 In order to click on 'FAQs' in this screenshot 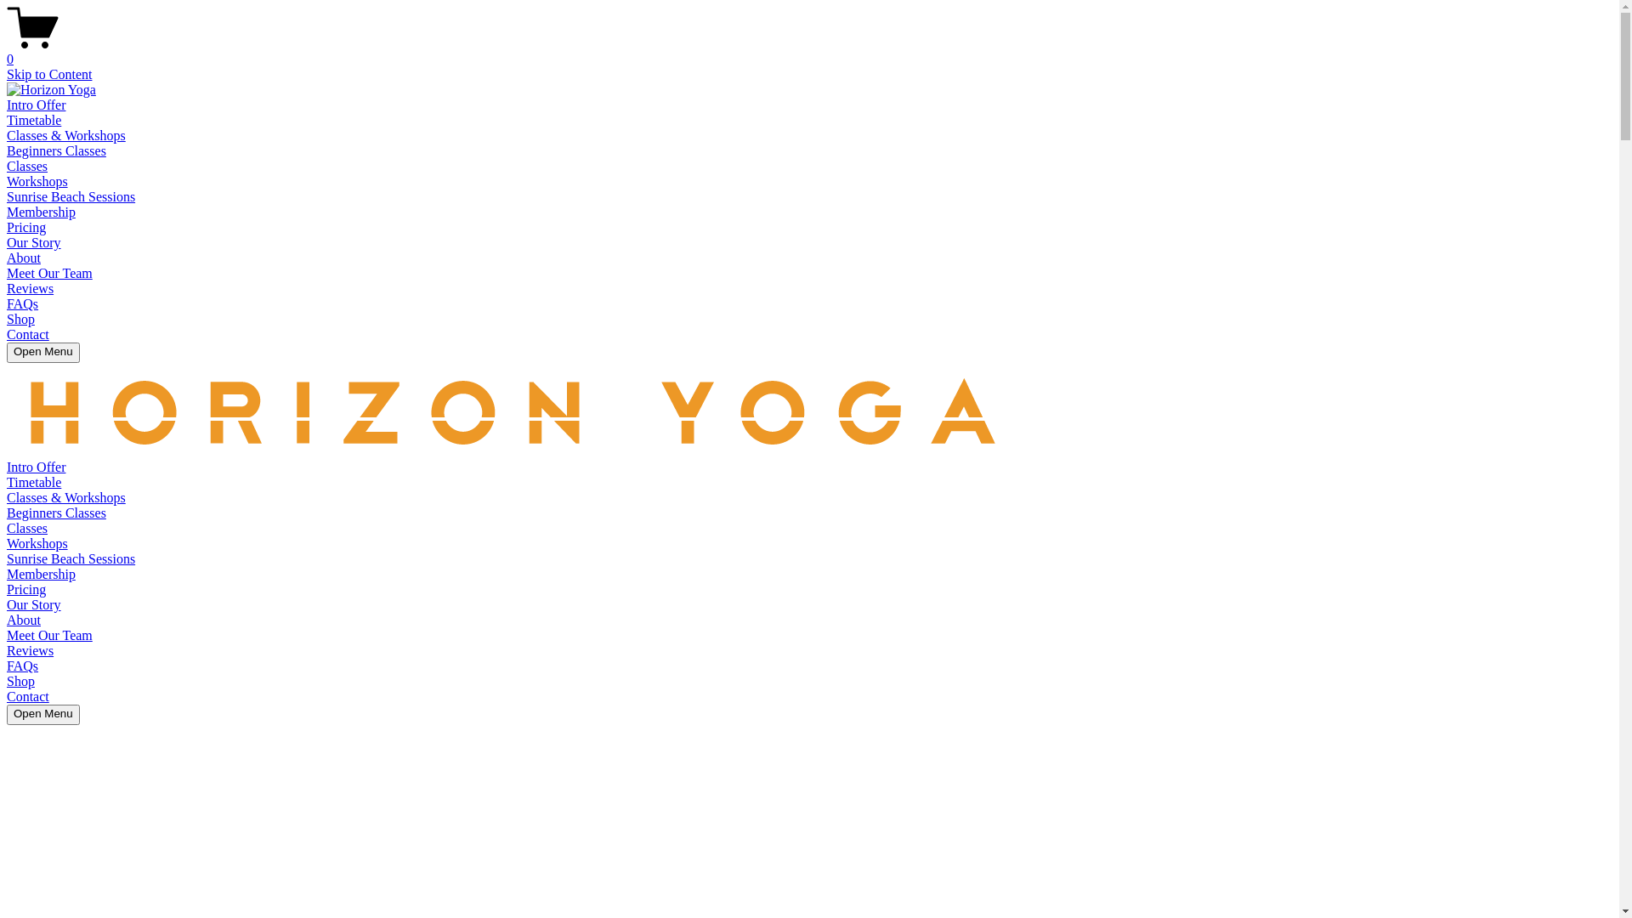, I will do `click(22, 665)`.